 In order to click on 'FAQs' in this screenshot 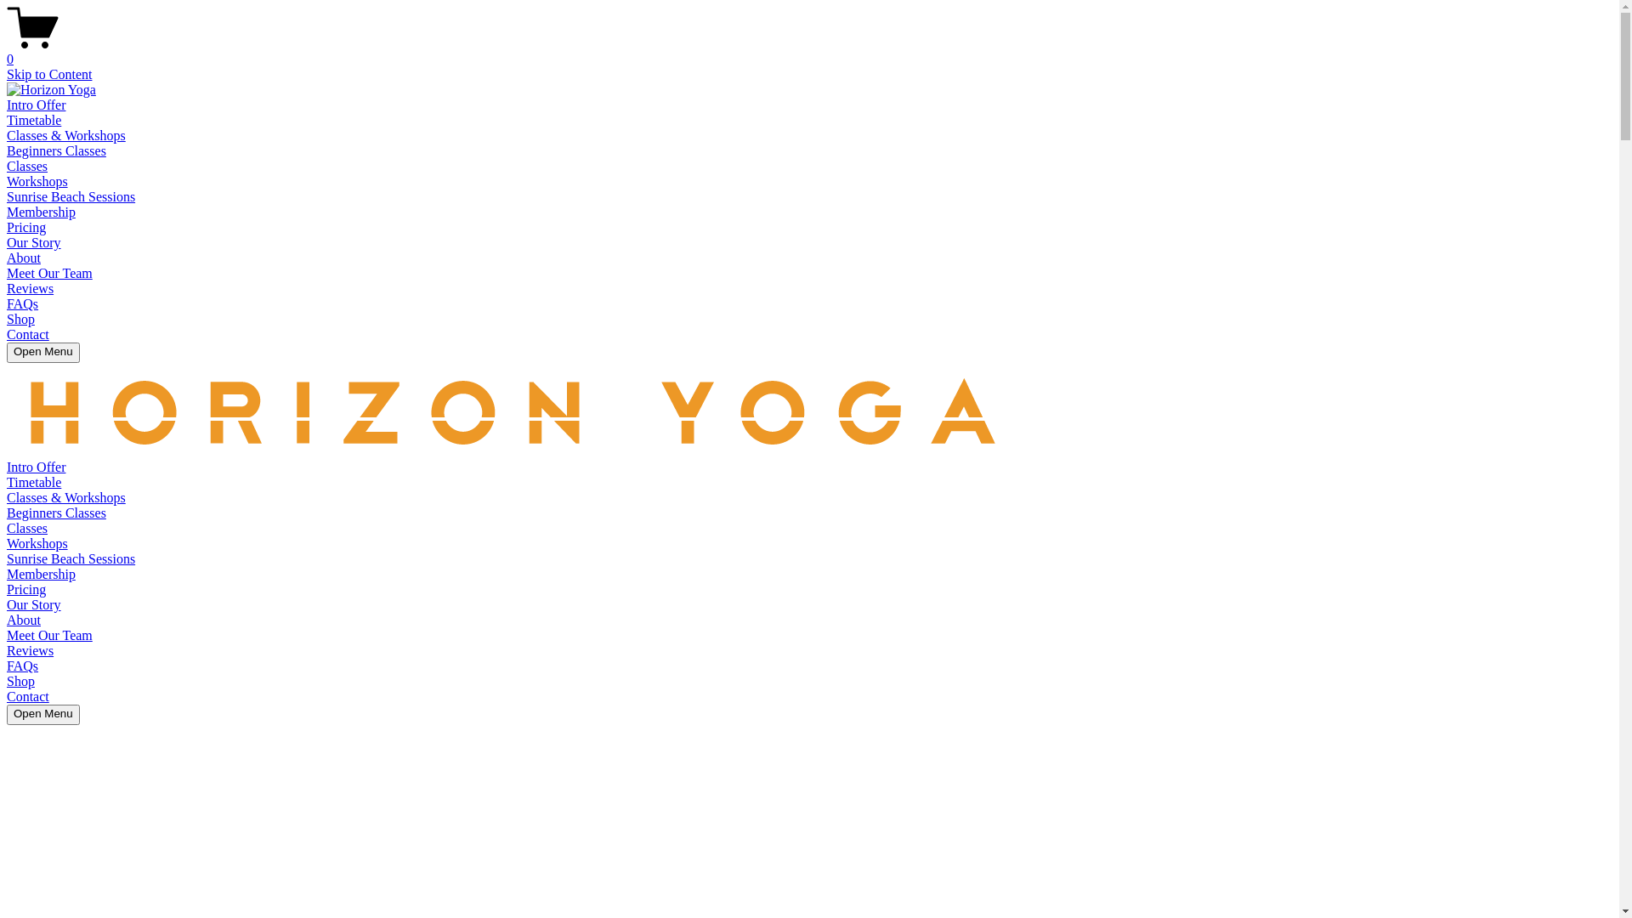, I will do `click(22, 665)`.